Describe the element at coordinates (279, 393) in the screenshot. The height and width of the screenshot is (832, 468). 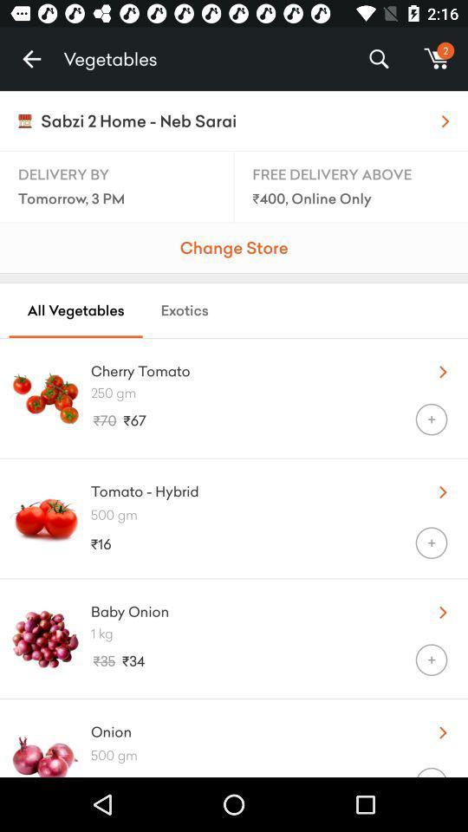
I see `icon below u item` at that location.